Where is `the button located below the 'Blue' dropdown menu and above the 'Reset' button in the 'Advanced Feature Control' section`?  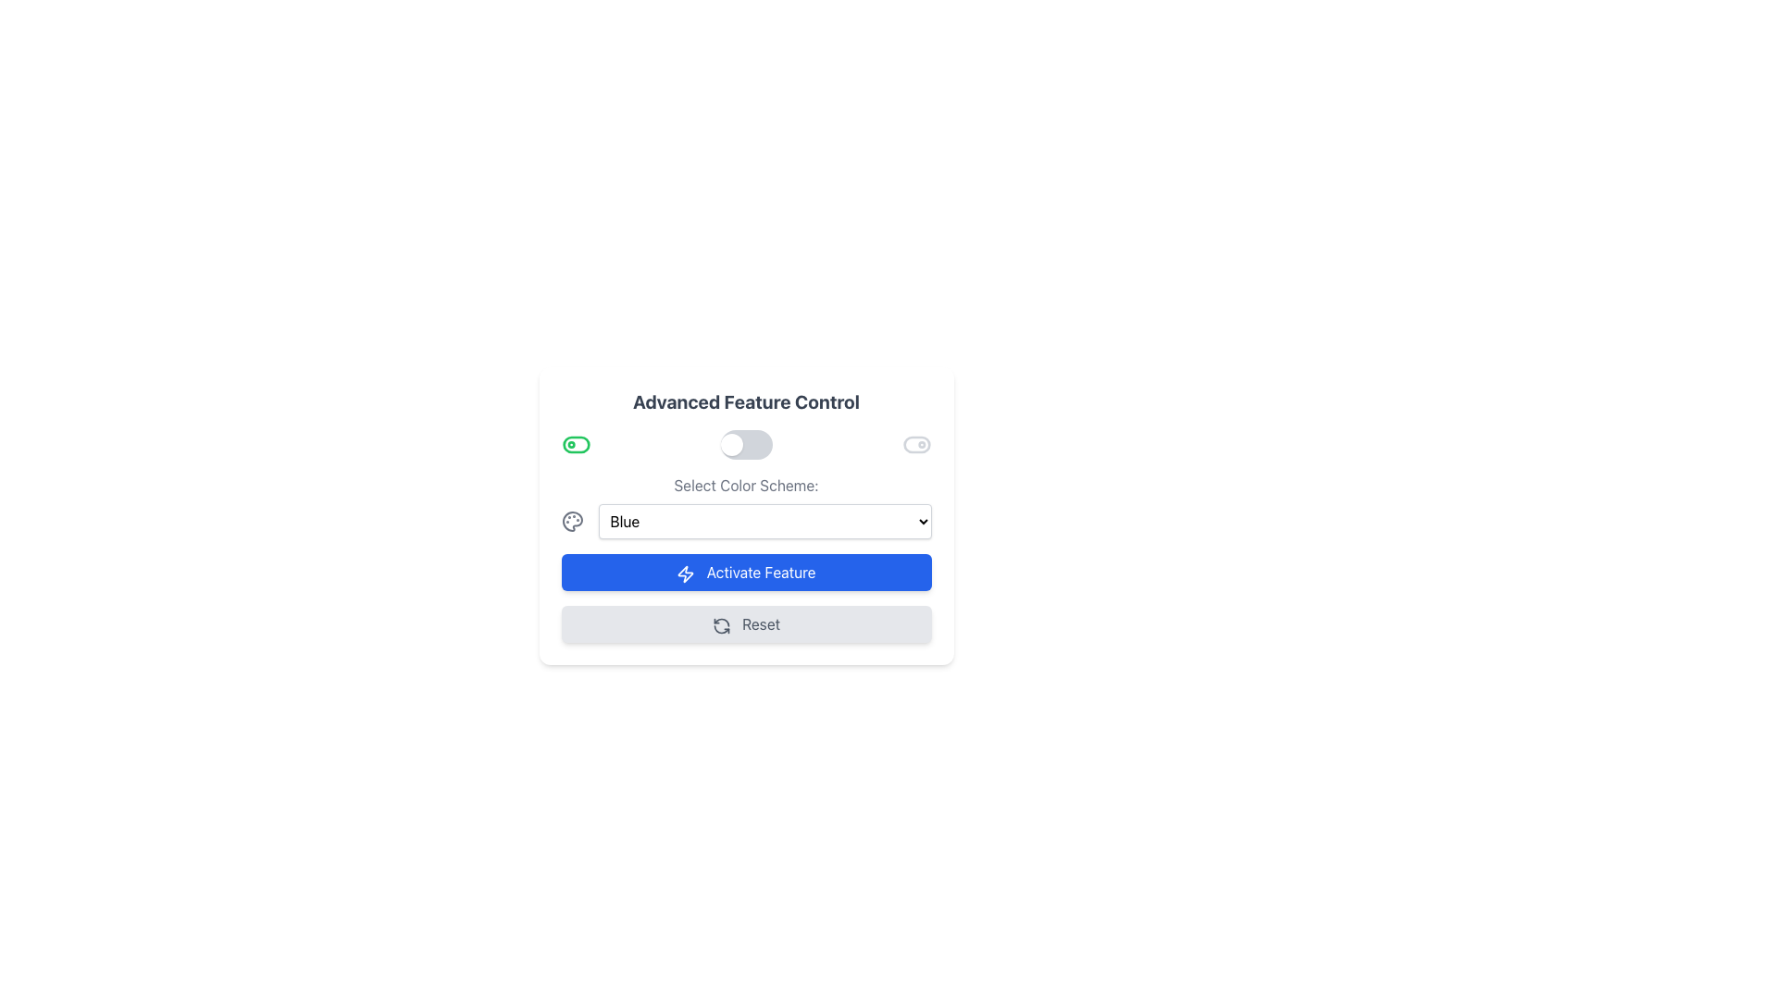
the button located below the 'Blue' dropdown menu and above the 'Reset' button in the 'Advanced Feature Control' section is located at coordinates (746, 571).